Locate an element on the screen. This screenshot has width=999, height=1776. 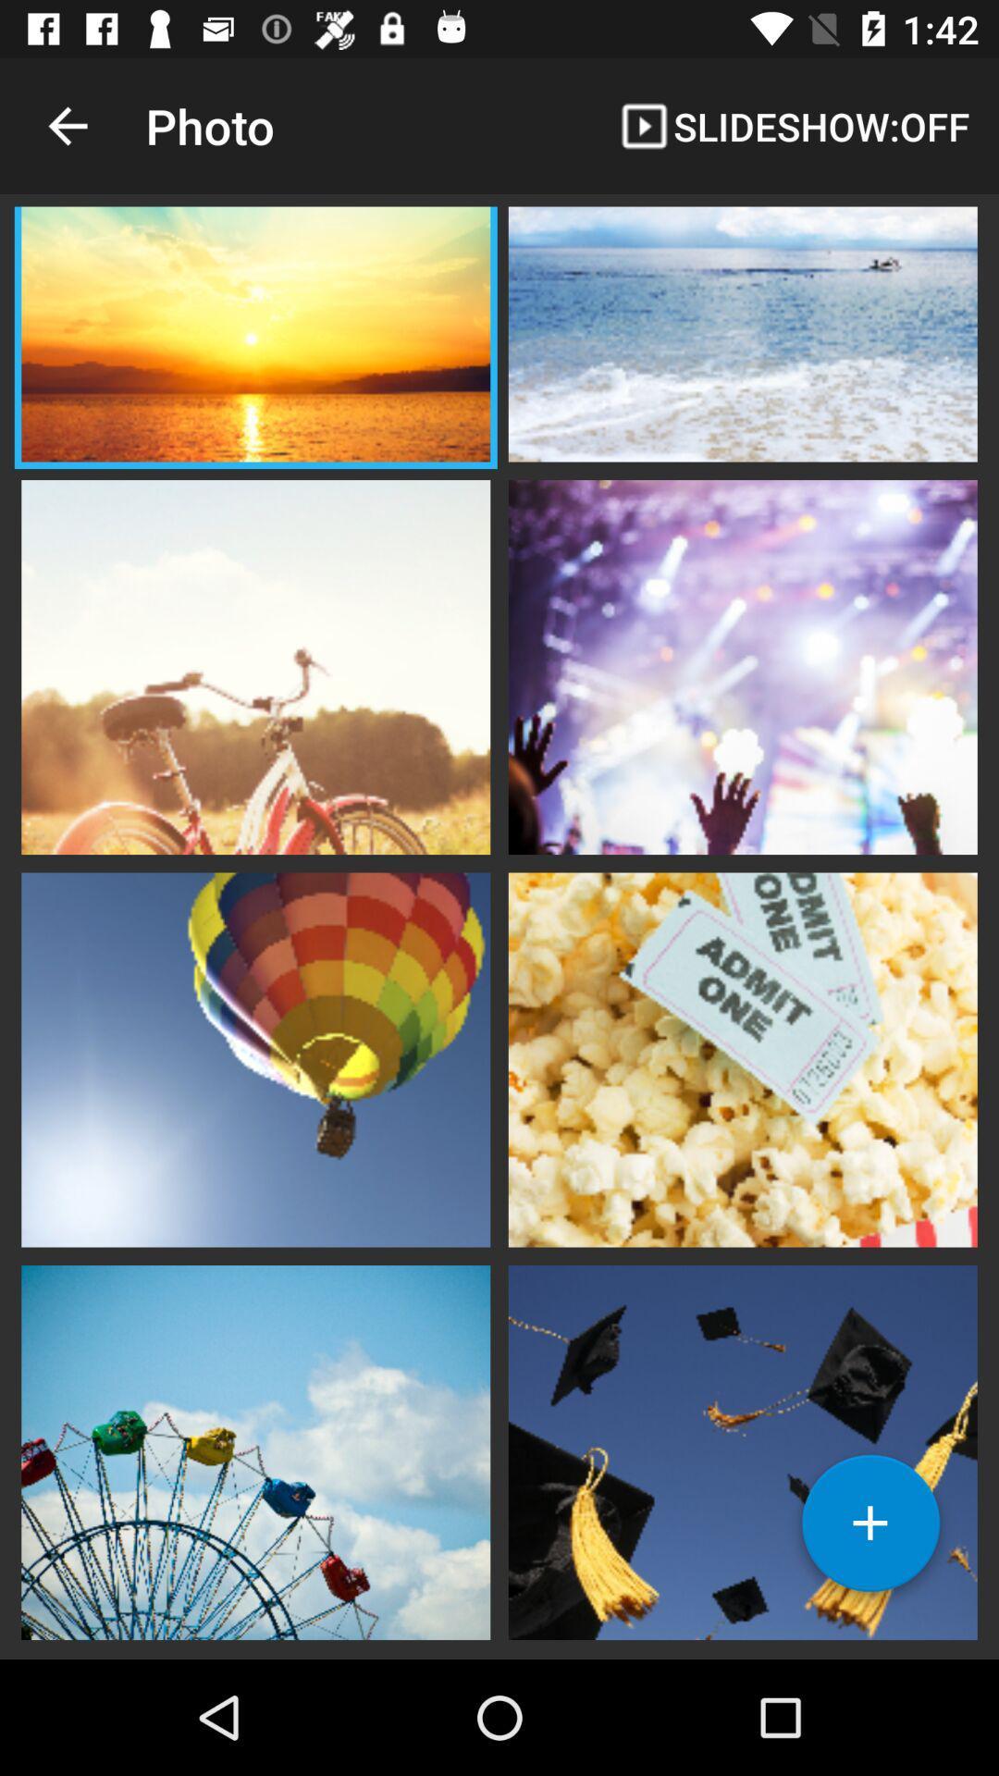
photograph choice is located at coordinates (742, 665).